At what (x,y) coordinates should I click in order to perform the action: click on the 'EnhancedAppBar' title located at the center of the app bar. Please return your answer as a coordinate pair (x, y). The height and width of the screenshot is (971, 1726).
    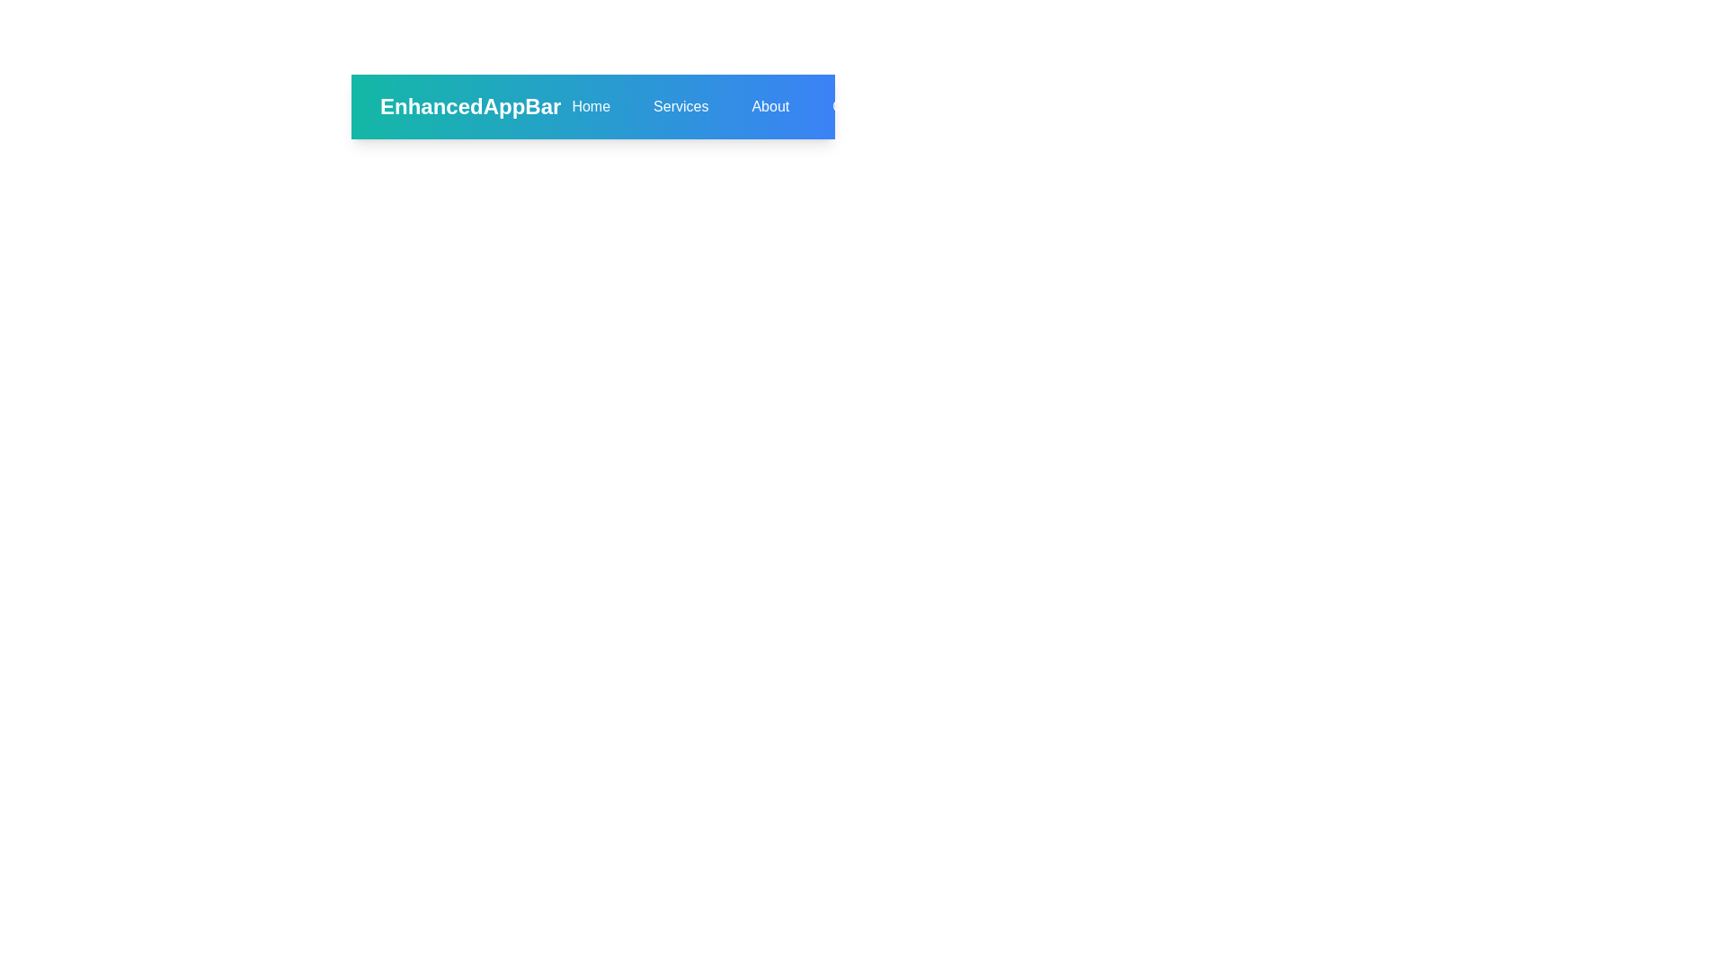
    Looking at the image, I should click on (462, 107).